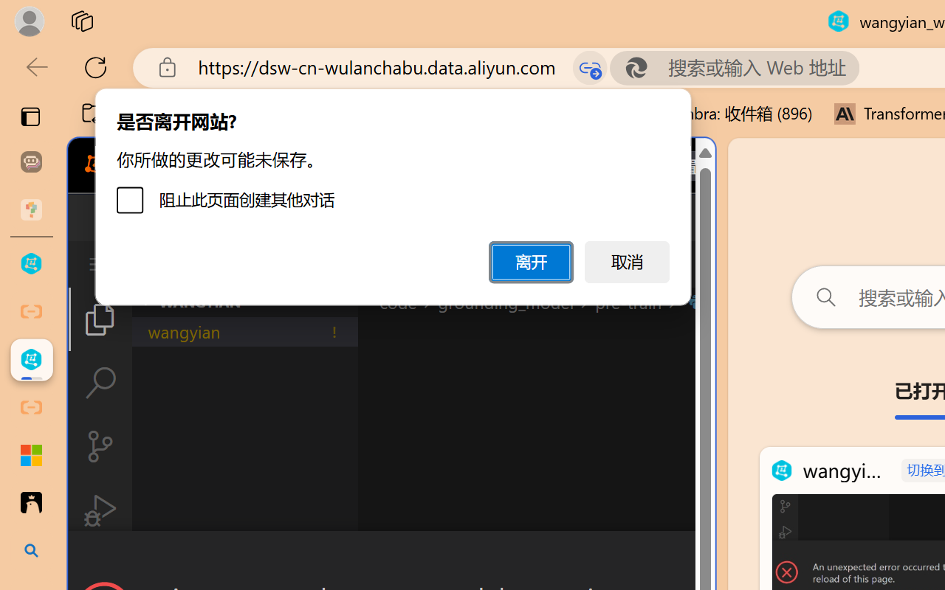  What do you see at coordinates (709, 558) in the screenshot?
I see `'Close Dialog'` at bounding box center [709, 558].